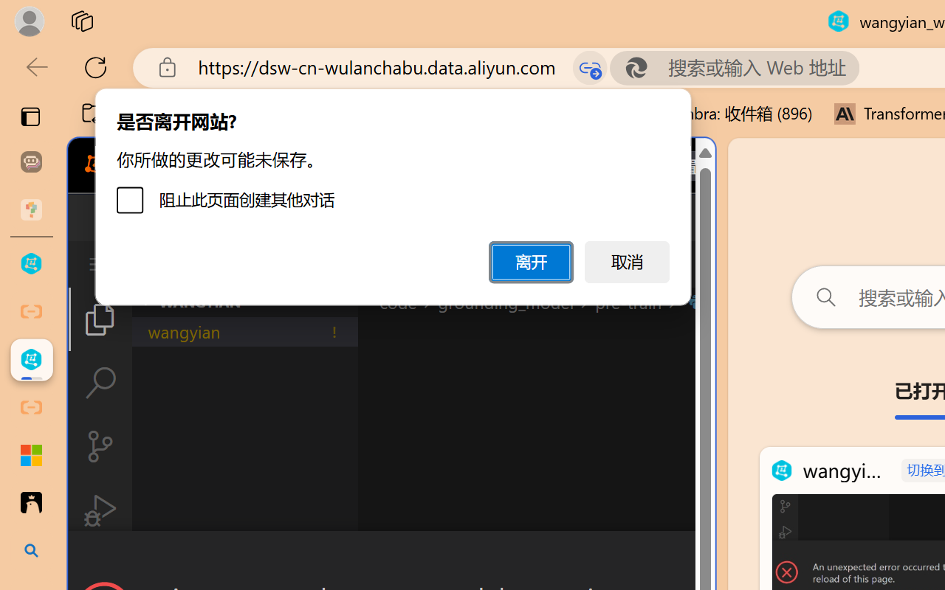  What do you see at coordinates (709, 558) in the screenshot?
I see `'Close Dialog'` at bounding box center [709, 558].